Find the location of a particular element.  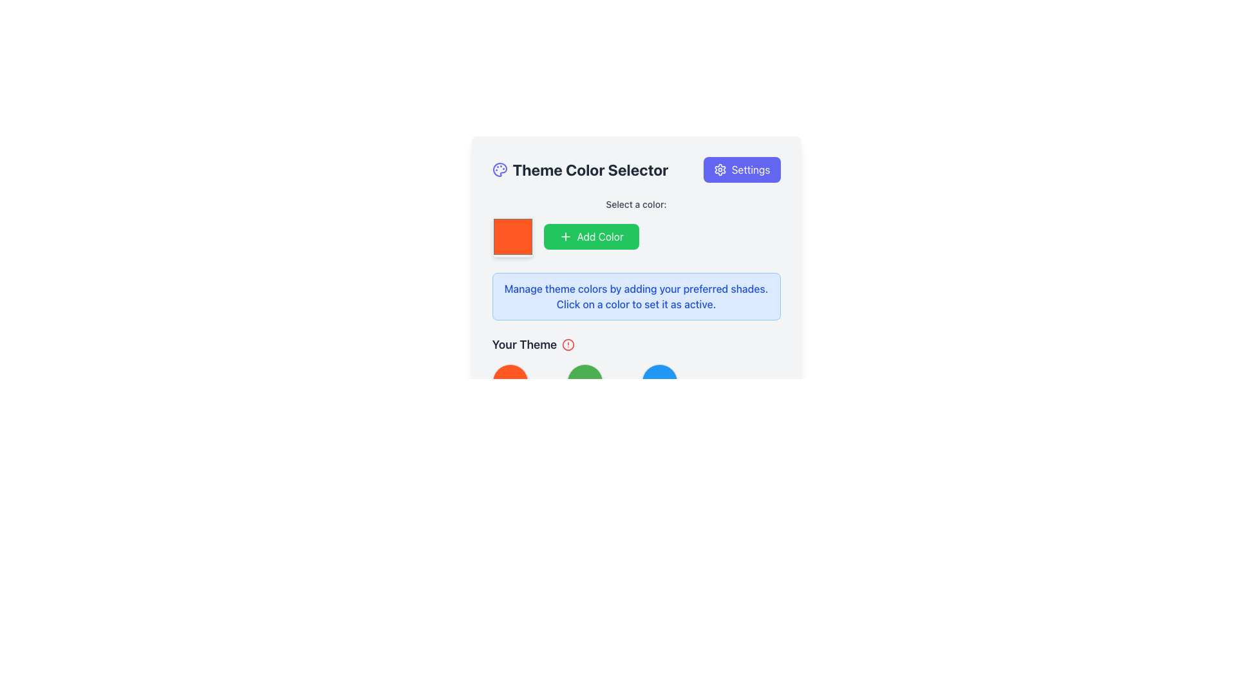

the circular icon button with a green fill color is located at coordinates (584, 382).